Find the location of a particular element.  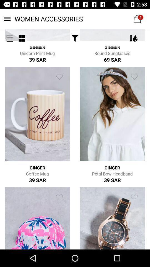

the menu icon is located at coordinates (10, 38).